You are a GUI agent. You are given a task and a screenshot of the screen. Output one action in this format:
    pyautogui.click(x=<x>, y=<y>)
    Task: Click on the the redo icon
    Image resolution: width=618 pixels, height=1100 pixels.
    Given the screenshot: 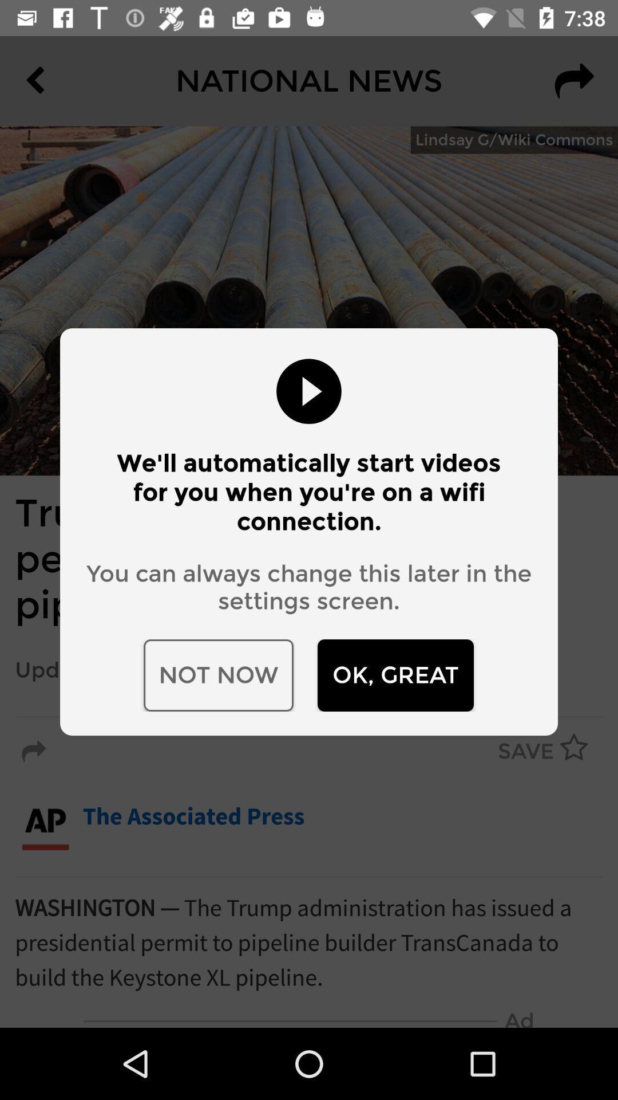 What is the action you would take?
    pyautogui.click(x=574, y=80)
    